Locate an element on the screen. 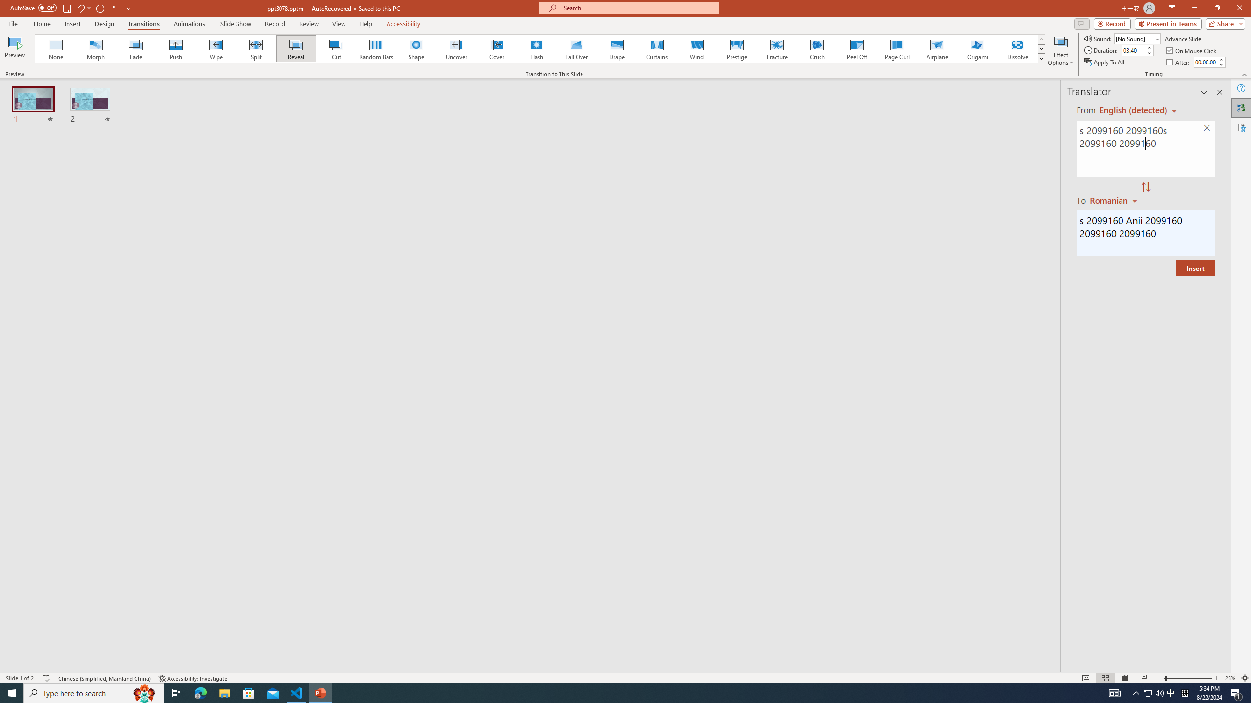  'On Mouse Click' is located at coordinates (1191, 50).